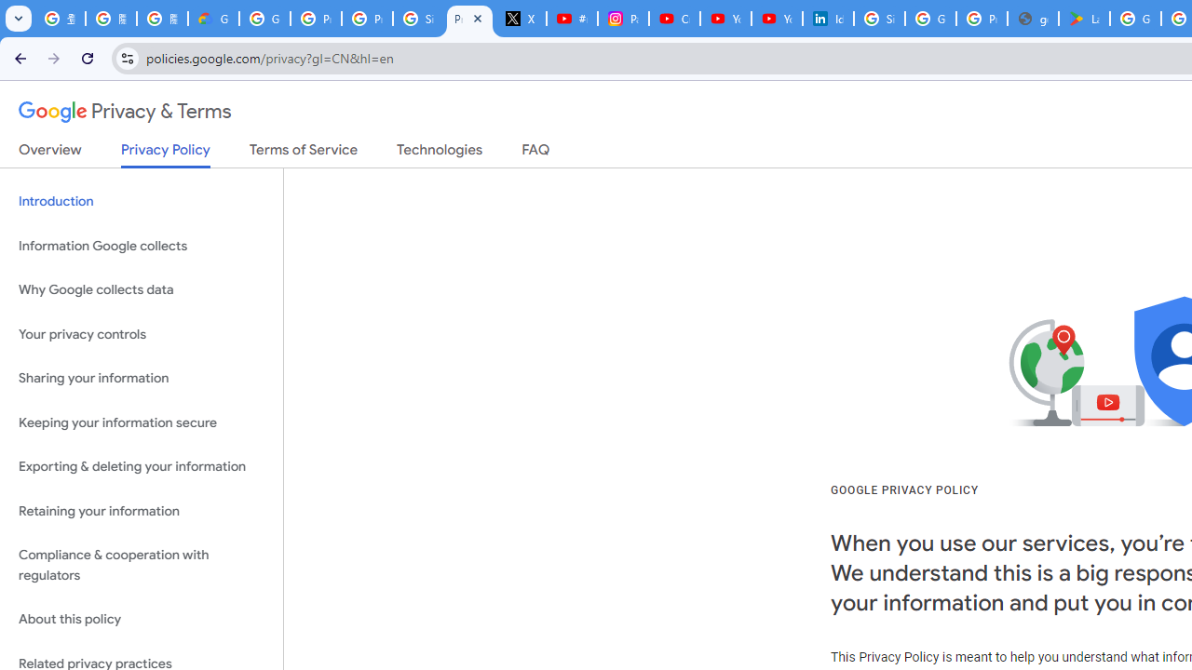  I want to click on 'Your privacy controls', so click(141, 333).